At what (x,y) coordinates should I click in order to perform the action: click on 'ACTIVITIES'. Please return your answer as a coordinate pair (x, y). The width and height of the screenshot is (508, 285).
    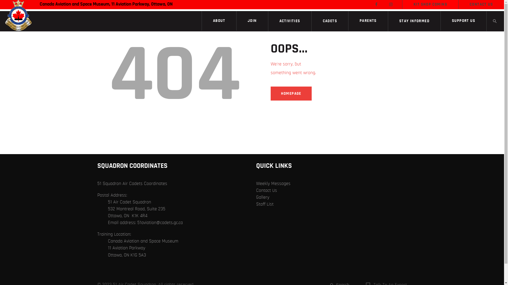
    Looking at the image, I should click on (289, 21).